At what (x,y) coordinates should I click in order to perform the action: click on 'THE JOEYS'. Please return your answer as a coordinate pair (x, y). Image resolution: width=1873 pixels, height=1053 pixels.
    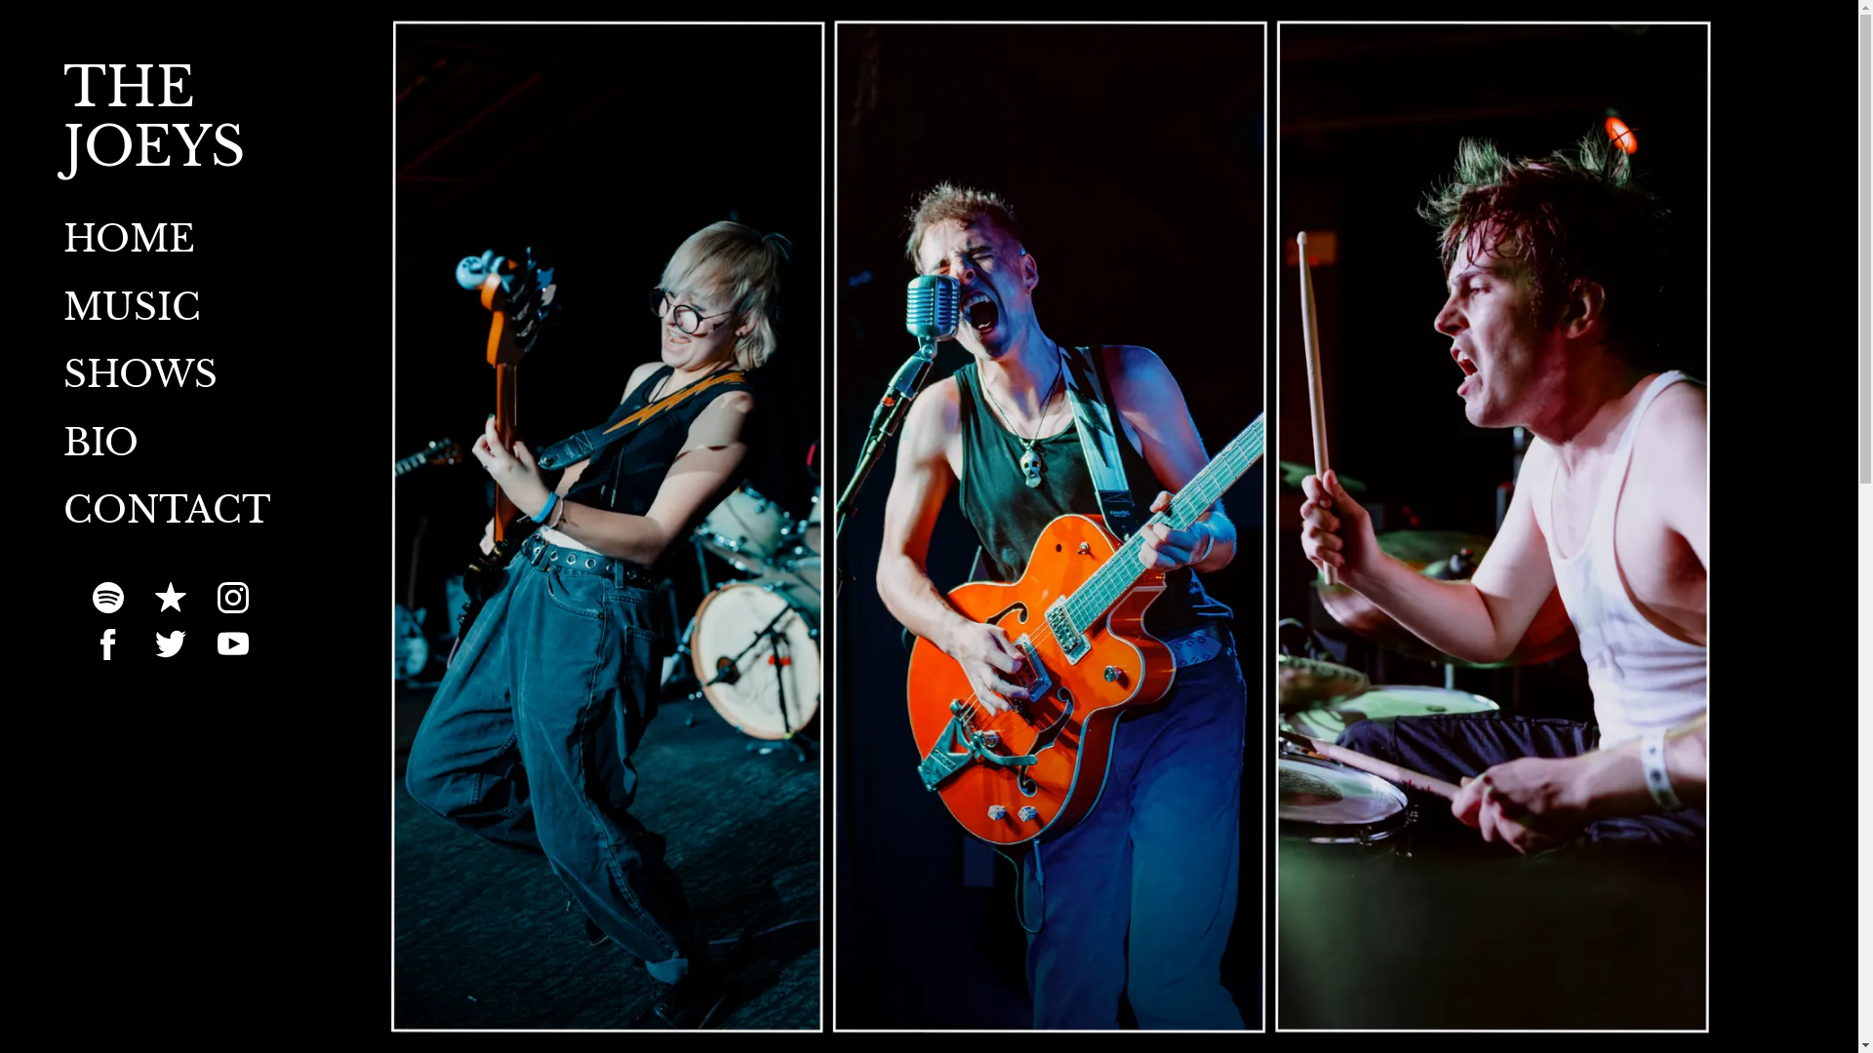
    Looking at the image, I should click on (170, 156).